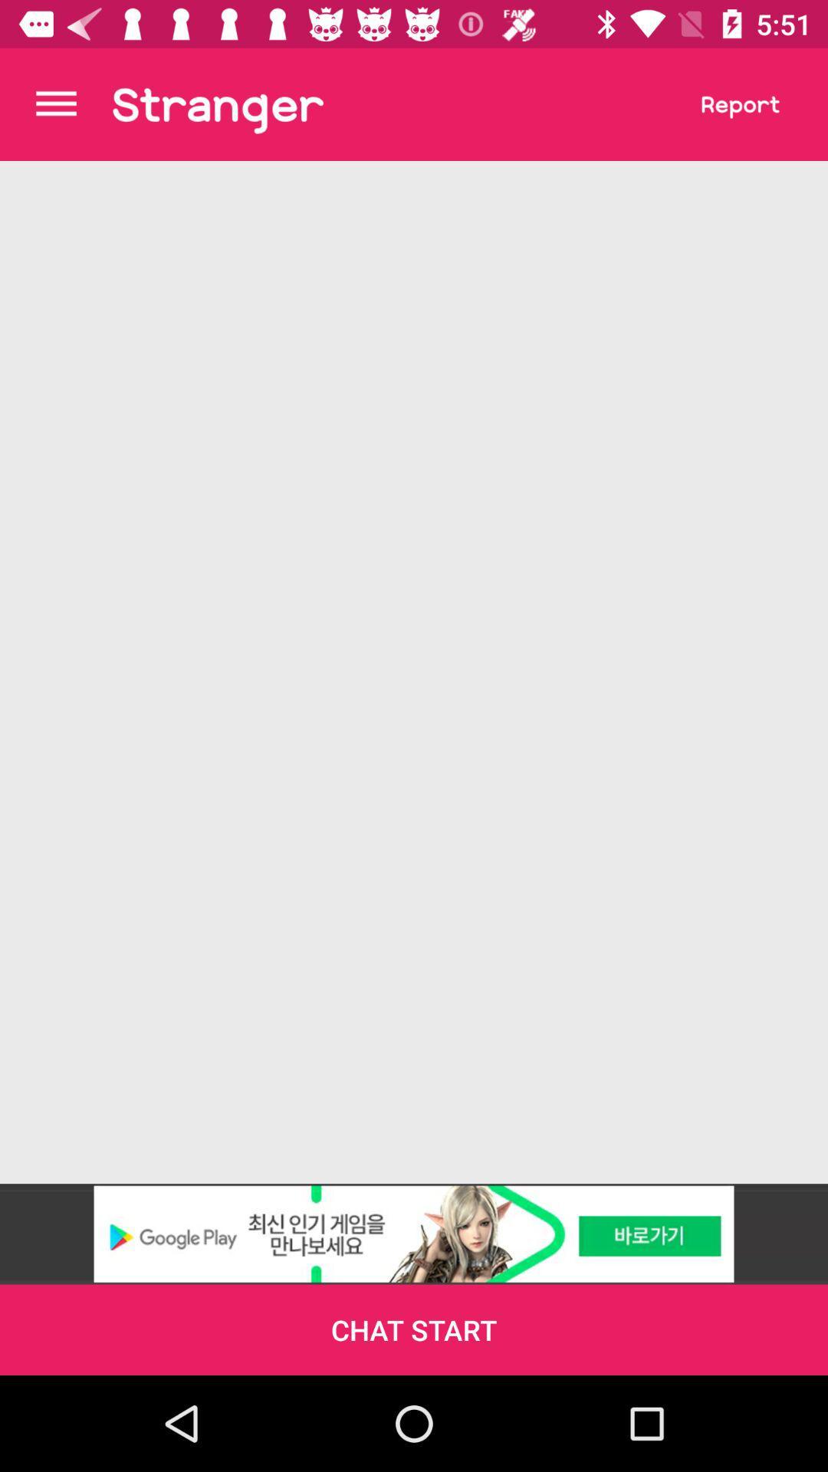  I want to click on the menu bar, so click(55, 103).